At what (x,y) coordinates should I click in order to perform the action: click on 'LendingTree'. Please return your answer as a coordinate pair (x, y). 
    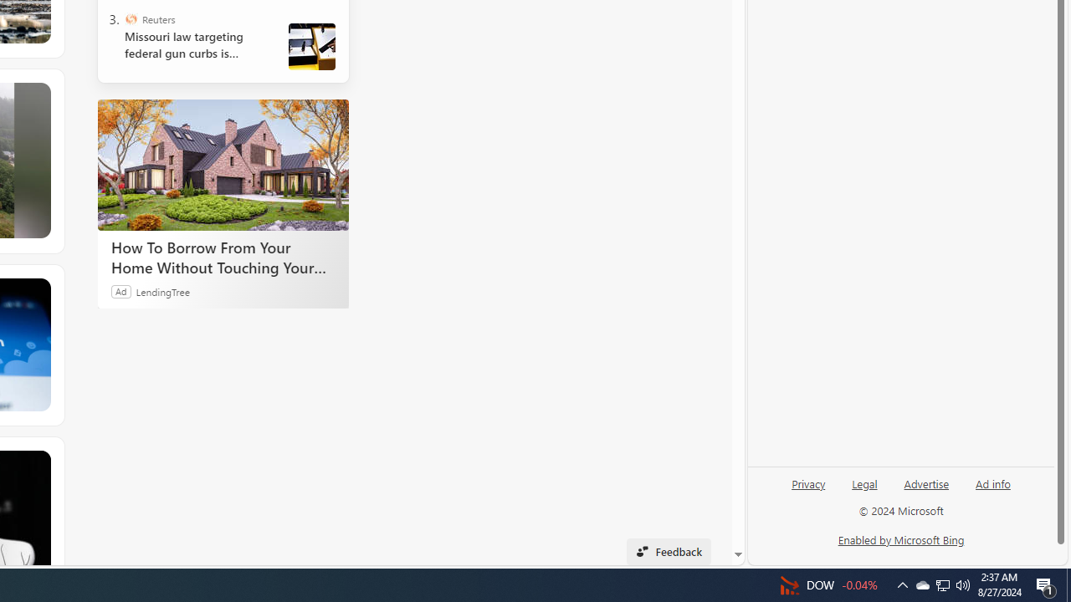
    Looking at the image, I should click on (163, 290).